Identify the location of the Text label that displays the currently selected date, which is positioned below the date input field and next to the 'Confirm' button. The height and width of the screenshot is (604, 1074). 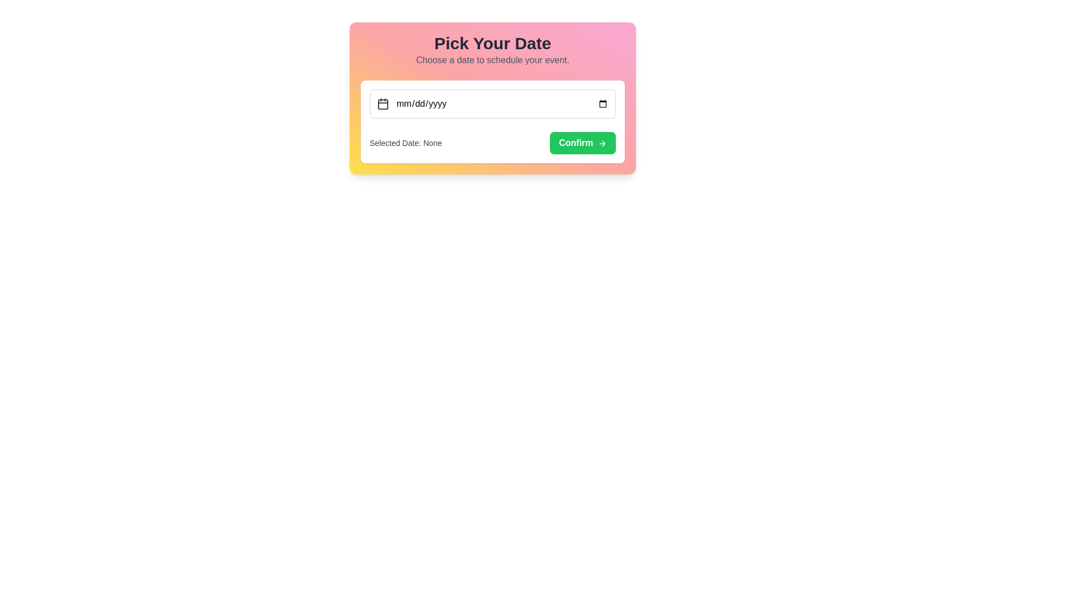
(405, 142).